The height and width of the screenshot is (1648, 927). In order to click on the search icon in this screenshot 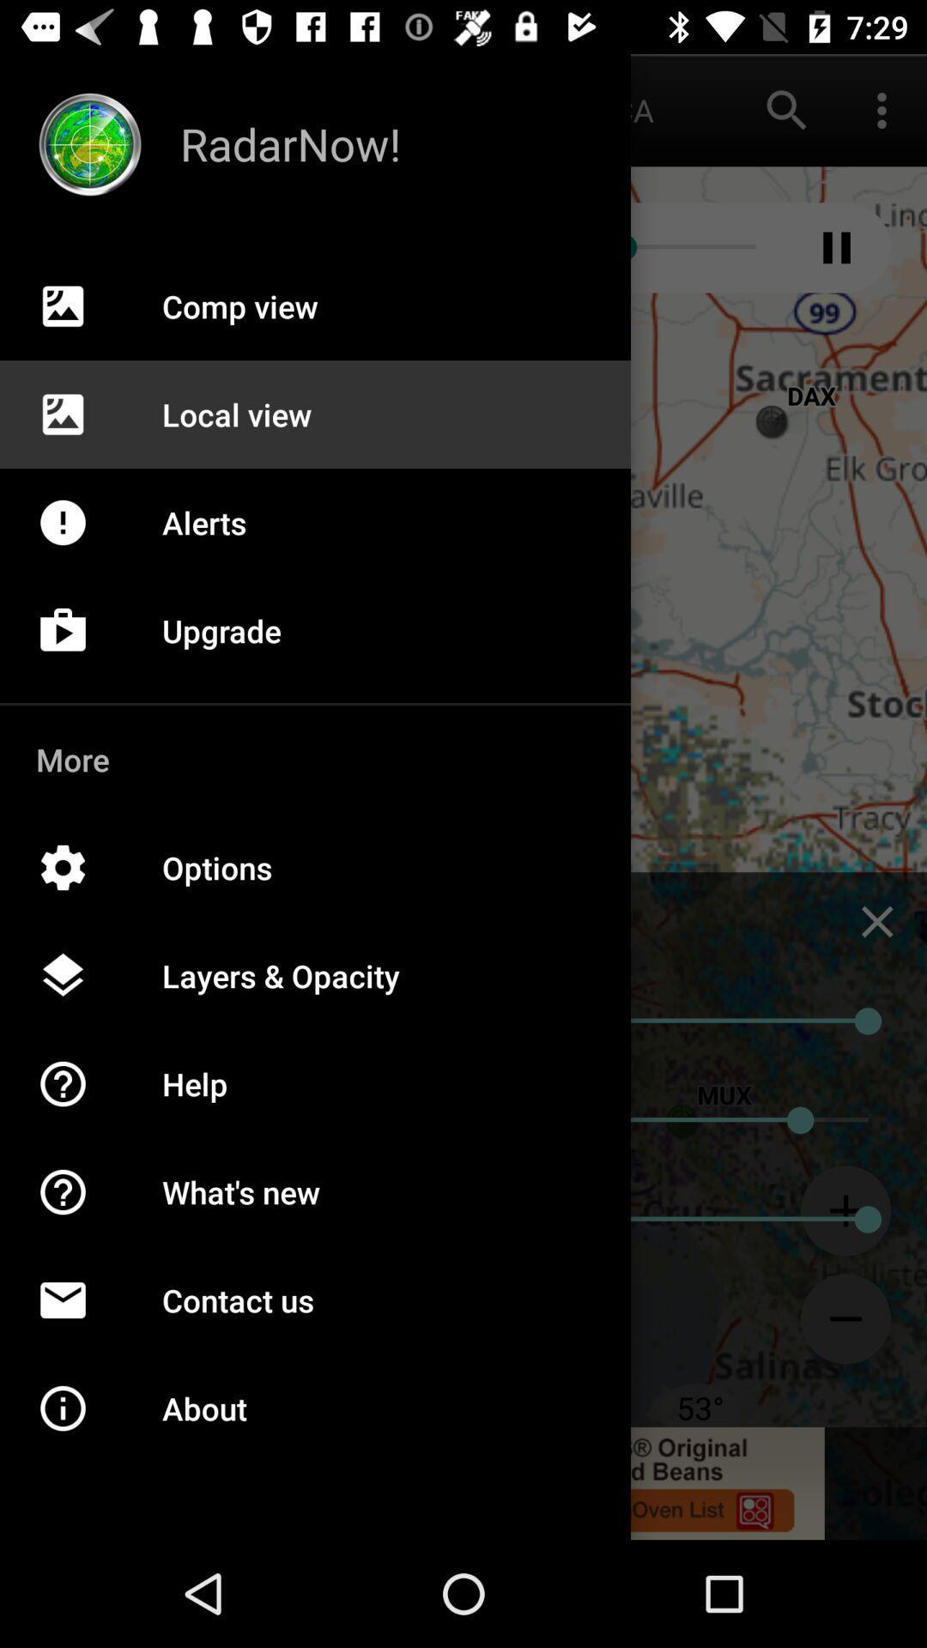, I will do `click(787, 109)`.